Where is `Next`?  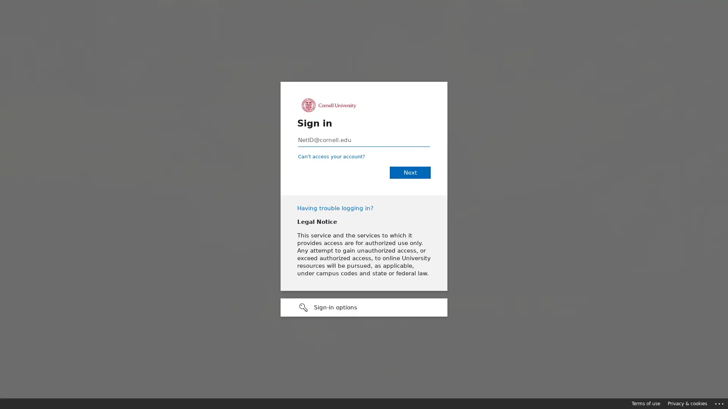 Next is located at coordinates (409, 172).